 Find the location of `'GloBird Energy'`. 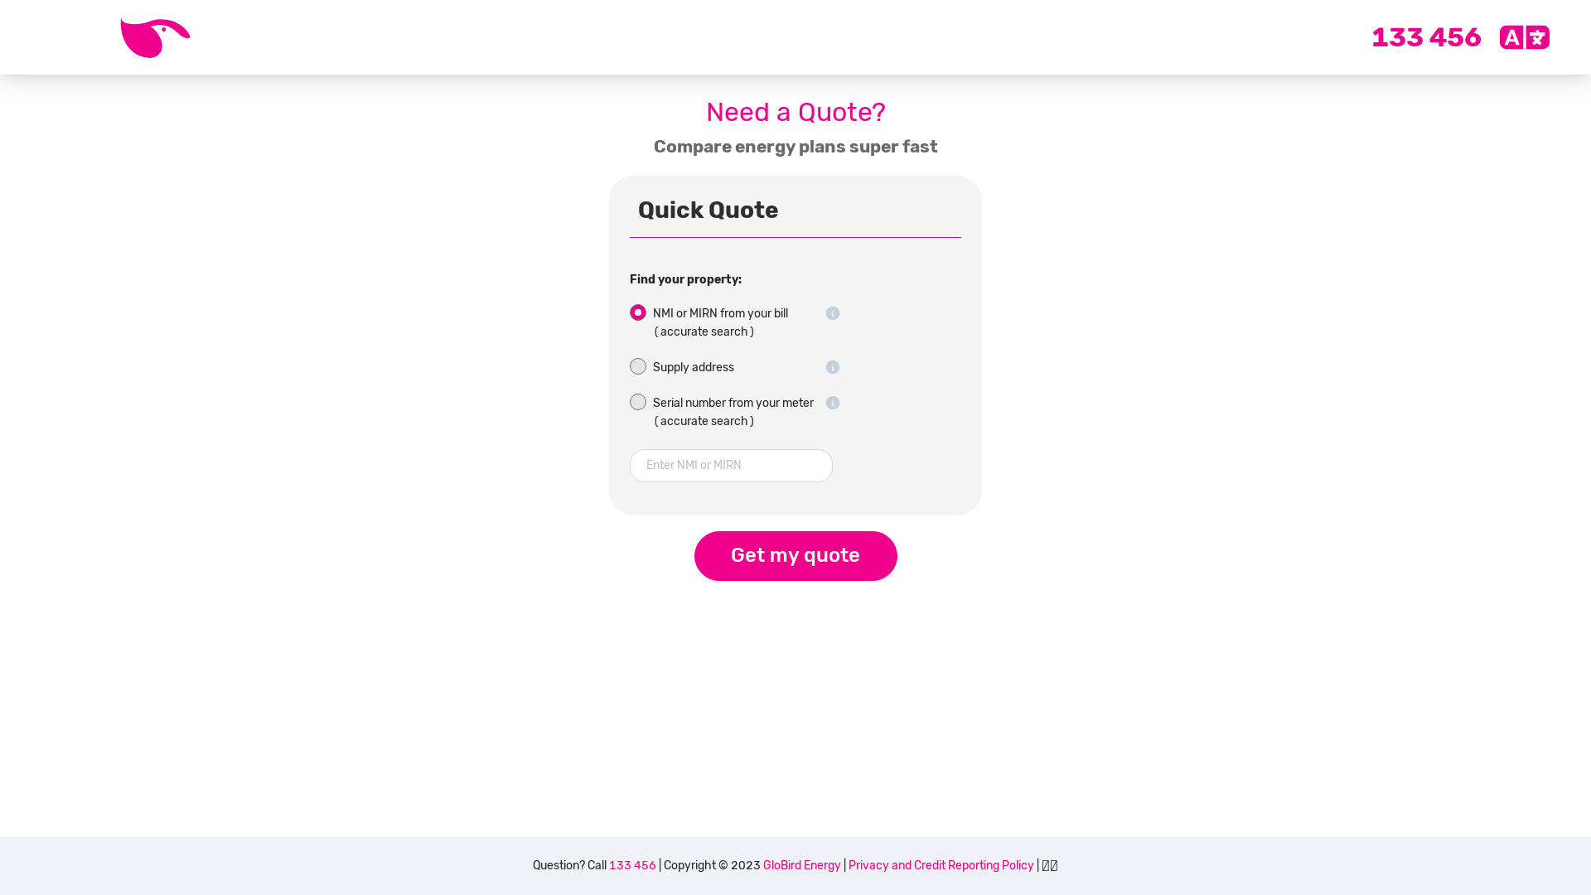

'GloBird Energy' is located at coordinates (802, 864).